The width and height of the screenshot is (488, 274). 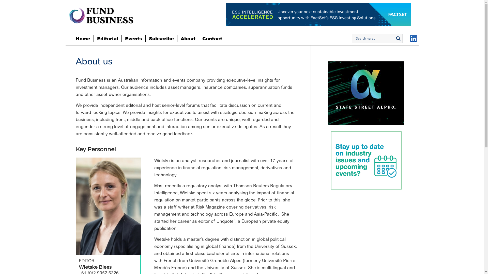 What do you see at coordinates (161, 38) in the screenshot?
I see `'Subscribe'` at bounding box center [161, 38].